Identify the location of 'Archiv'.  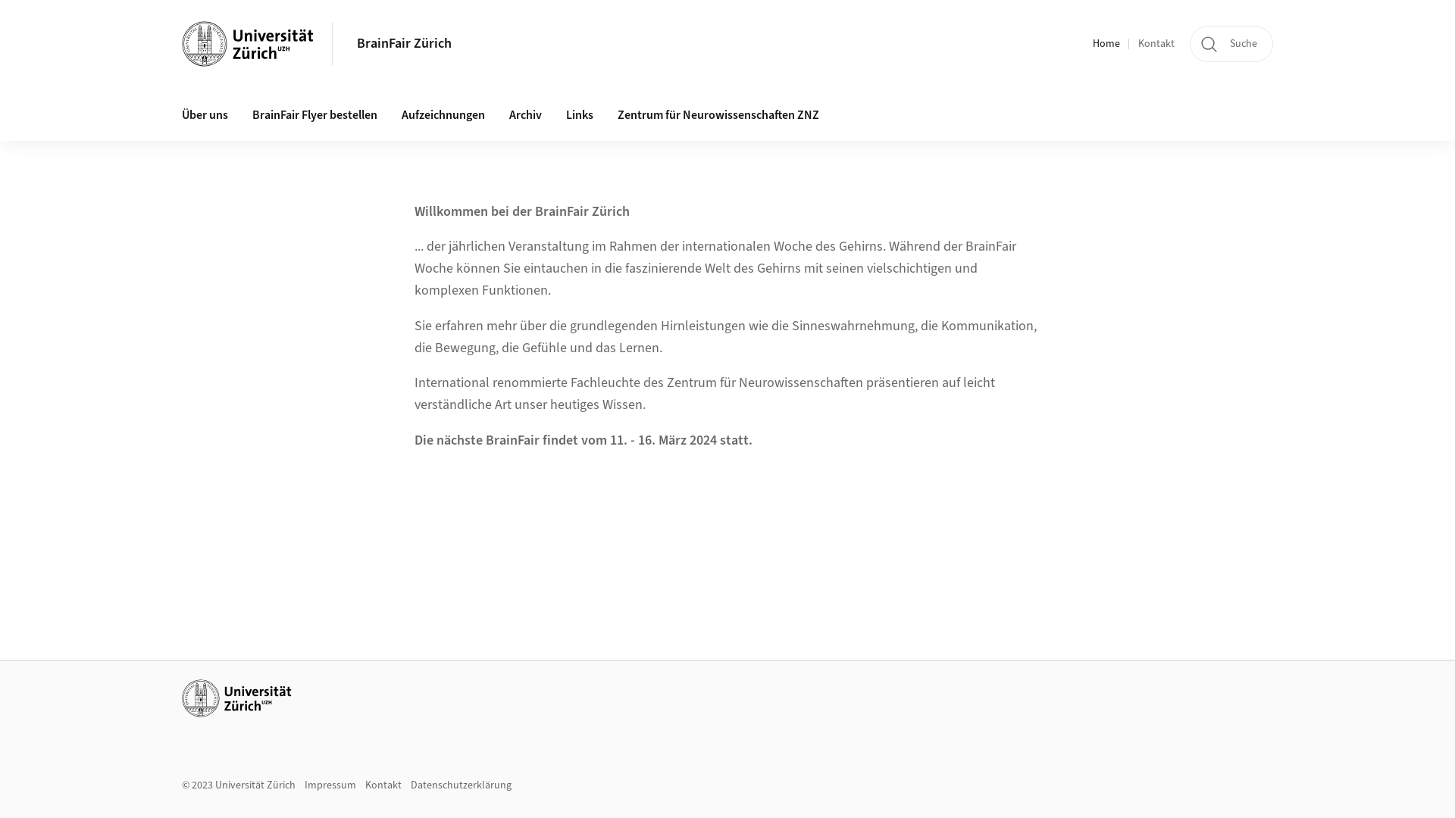
(525, 115).